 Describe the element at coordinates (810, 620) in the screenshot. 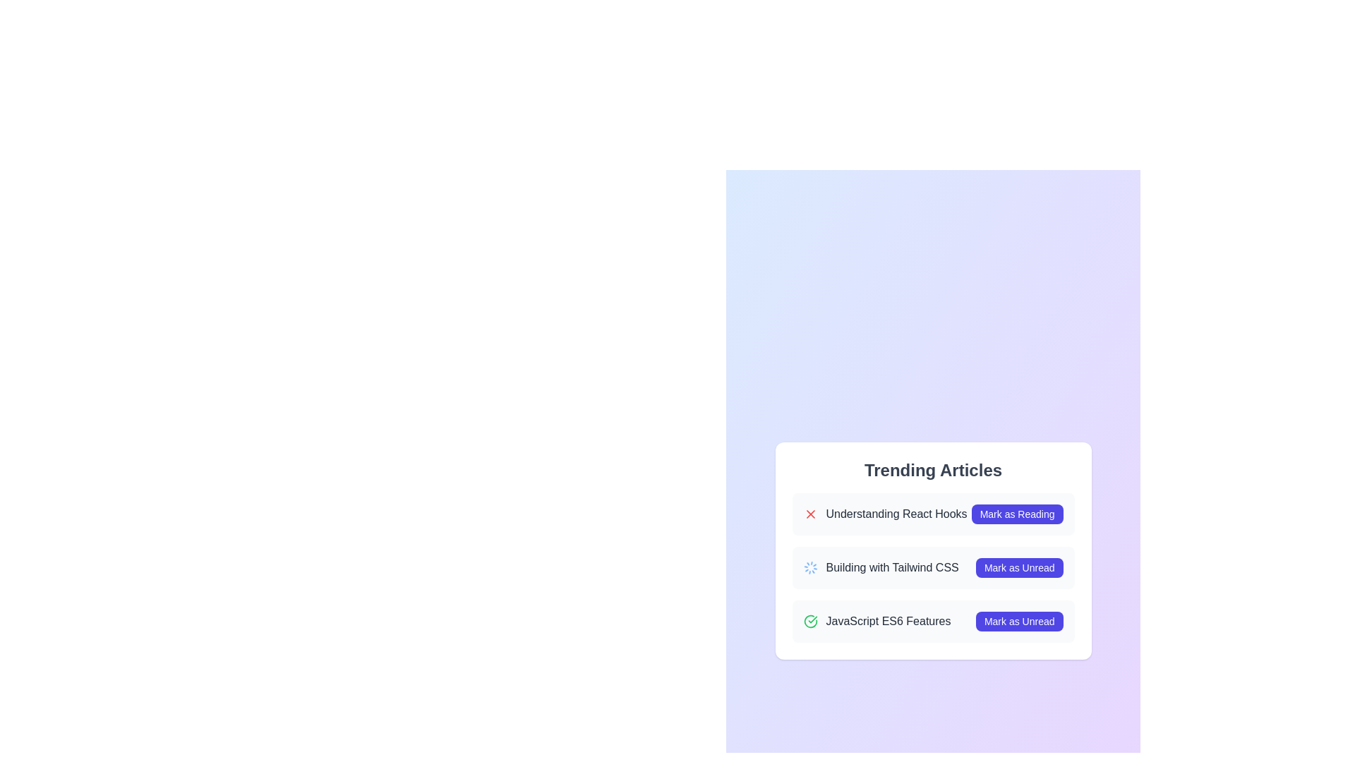

I see `the circular icon with a green checkmark that is located next to the text 'JavaScript ES6 Features', which is part of the last group under the header 'Trending Articles'` at that location.